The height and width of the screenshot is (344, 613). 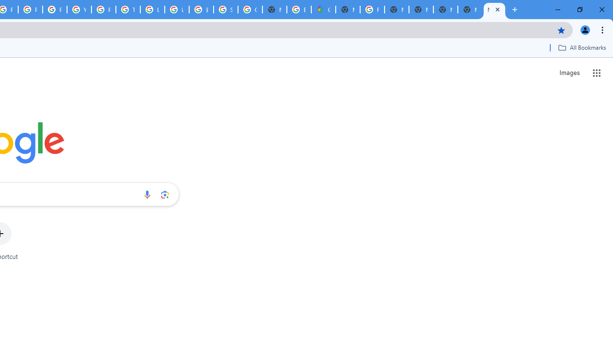 What do you see at coordinates (165, 194) in the screenshot?
I see `'Search by image'` at bounding box center [165, 194].